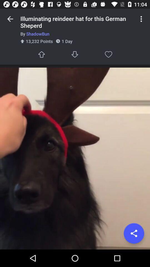 Image resolution: width=150 pixels, height=267 pixels. What do you see at coordinates (41, 54) in the screenshot?
I see `the arrow_upward icon` at bounding box center [41, 54].